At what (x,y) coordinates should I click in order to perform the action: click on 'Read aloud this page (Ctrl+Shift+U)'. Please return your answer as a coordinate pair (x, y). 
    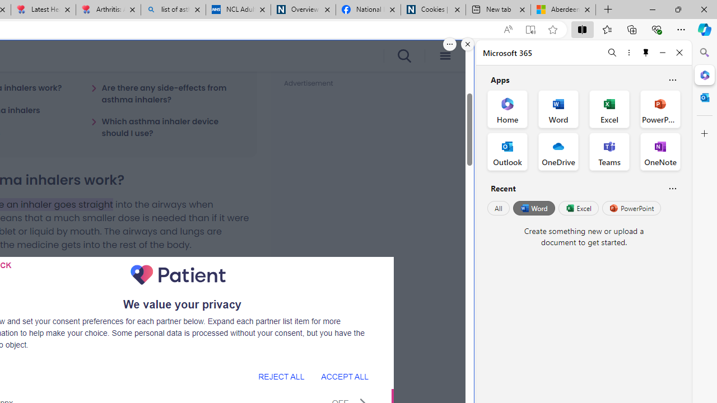
    Looking at the image, I should click on (507, 29).